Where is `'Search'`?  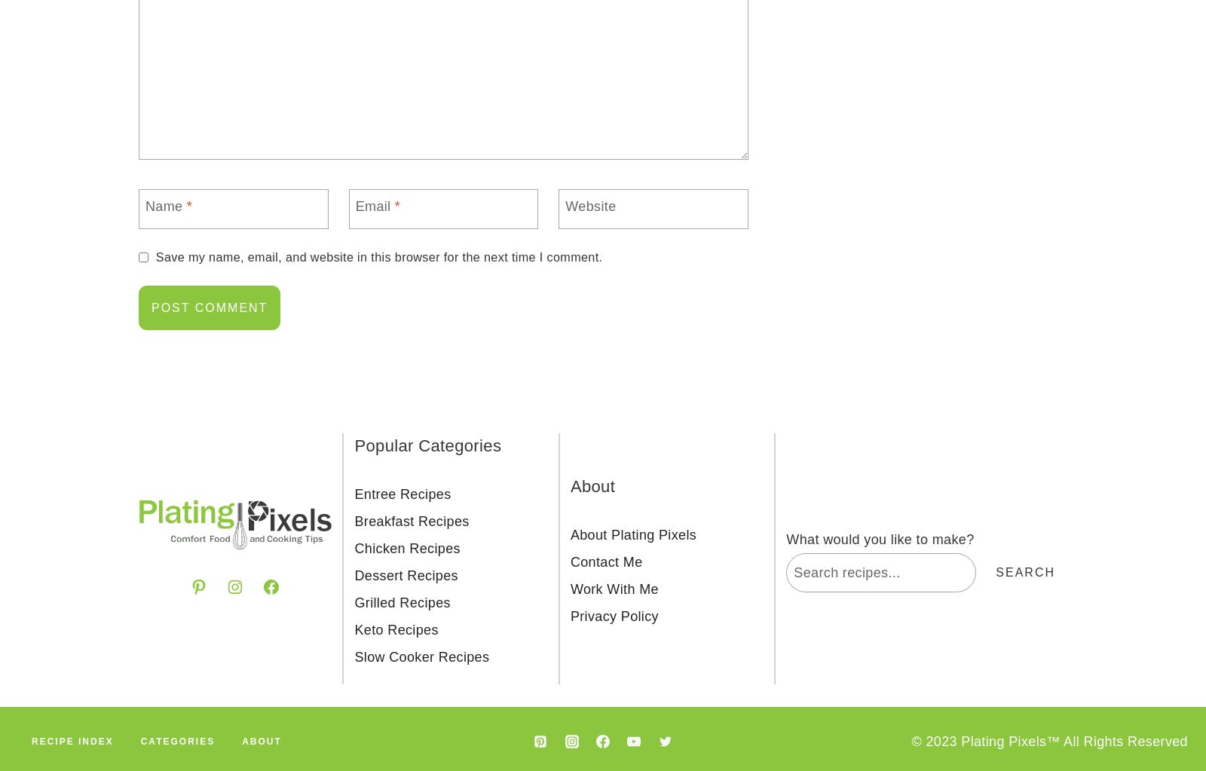 'Search' is located at coordinates (1024, 571).